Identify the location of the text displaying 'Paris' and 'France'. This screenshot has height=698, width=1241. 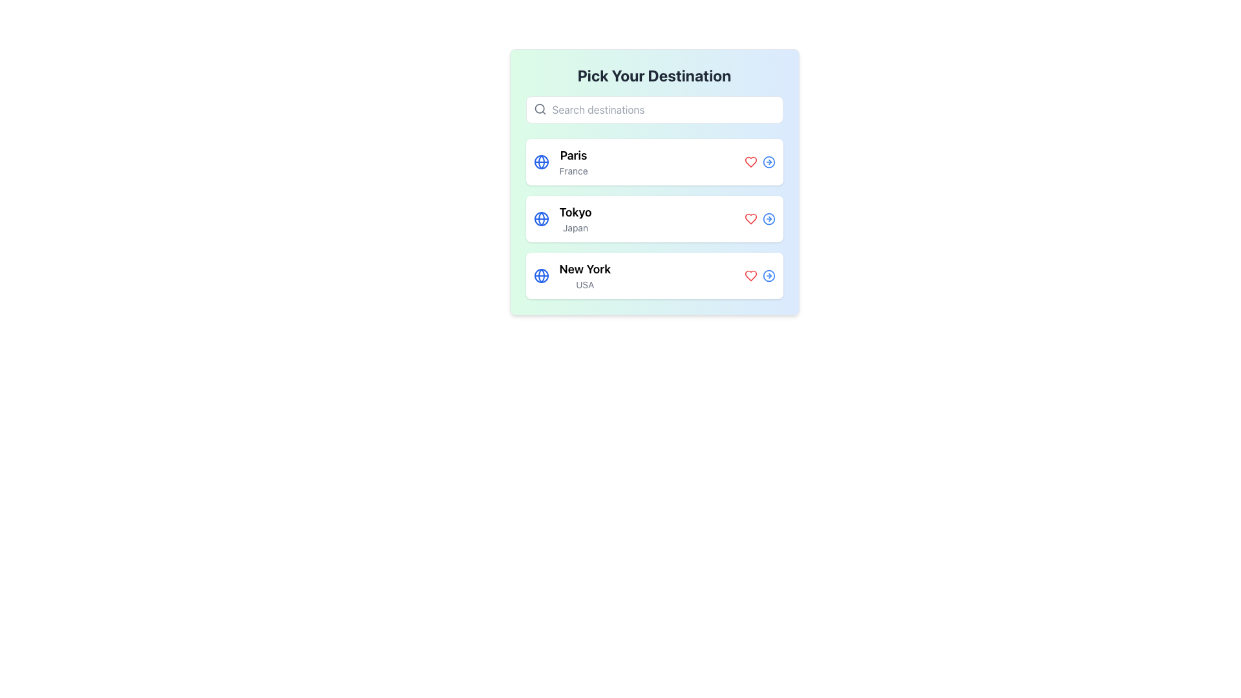
(573, 161).